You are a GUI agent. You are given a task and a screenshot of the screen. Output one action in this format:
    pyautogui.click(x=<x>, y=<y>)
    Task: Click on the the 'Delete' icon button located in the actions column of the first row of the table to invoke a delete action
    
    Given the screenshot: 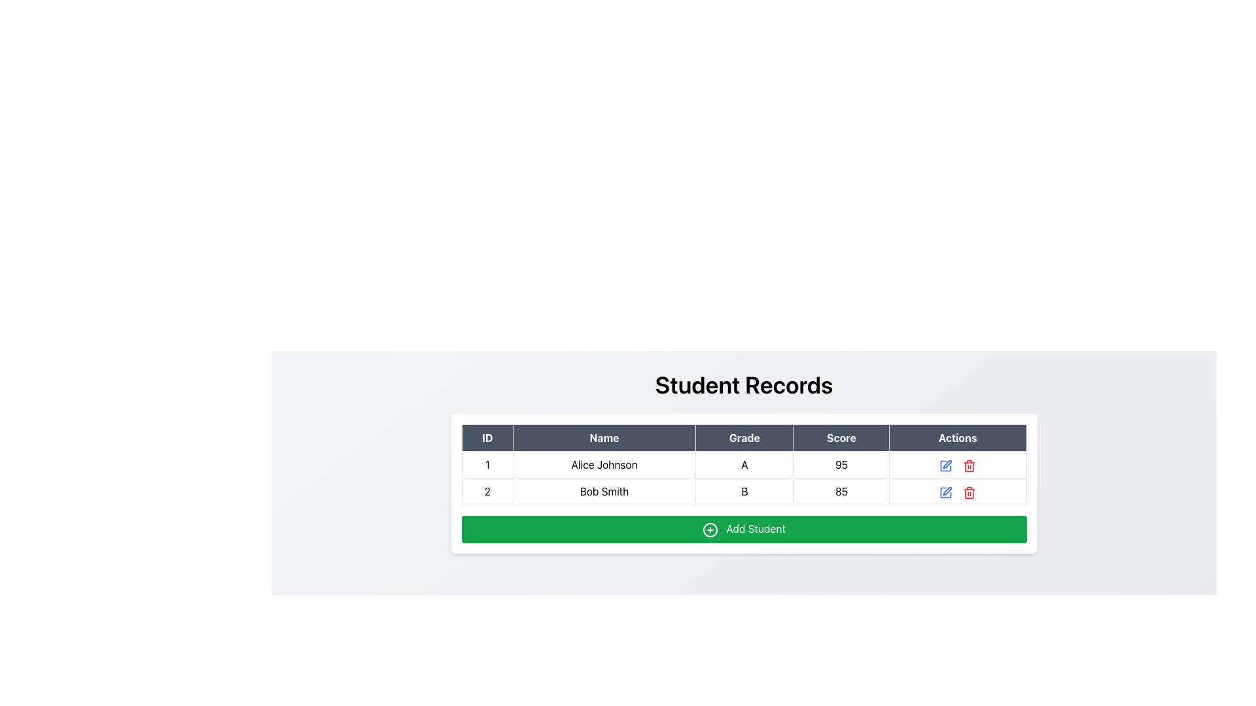 What is the action you would take?
    pyautogui.click(x=969, y=465)
    